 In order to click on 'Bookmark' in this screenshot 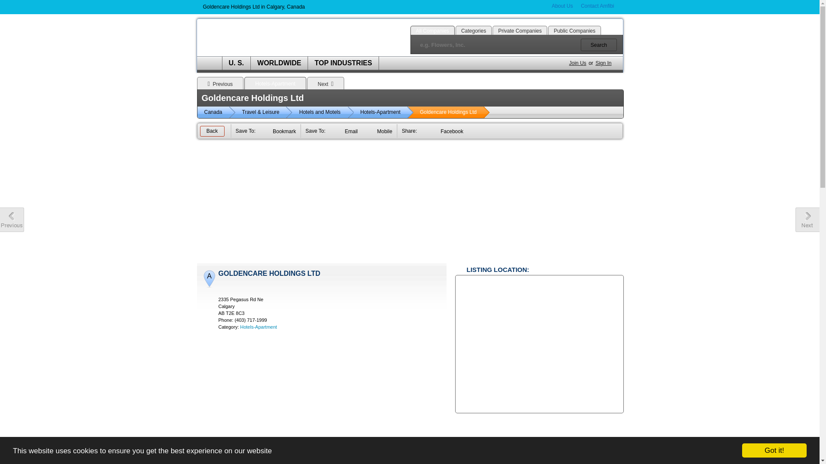, I will do `click(259, 131)`.